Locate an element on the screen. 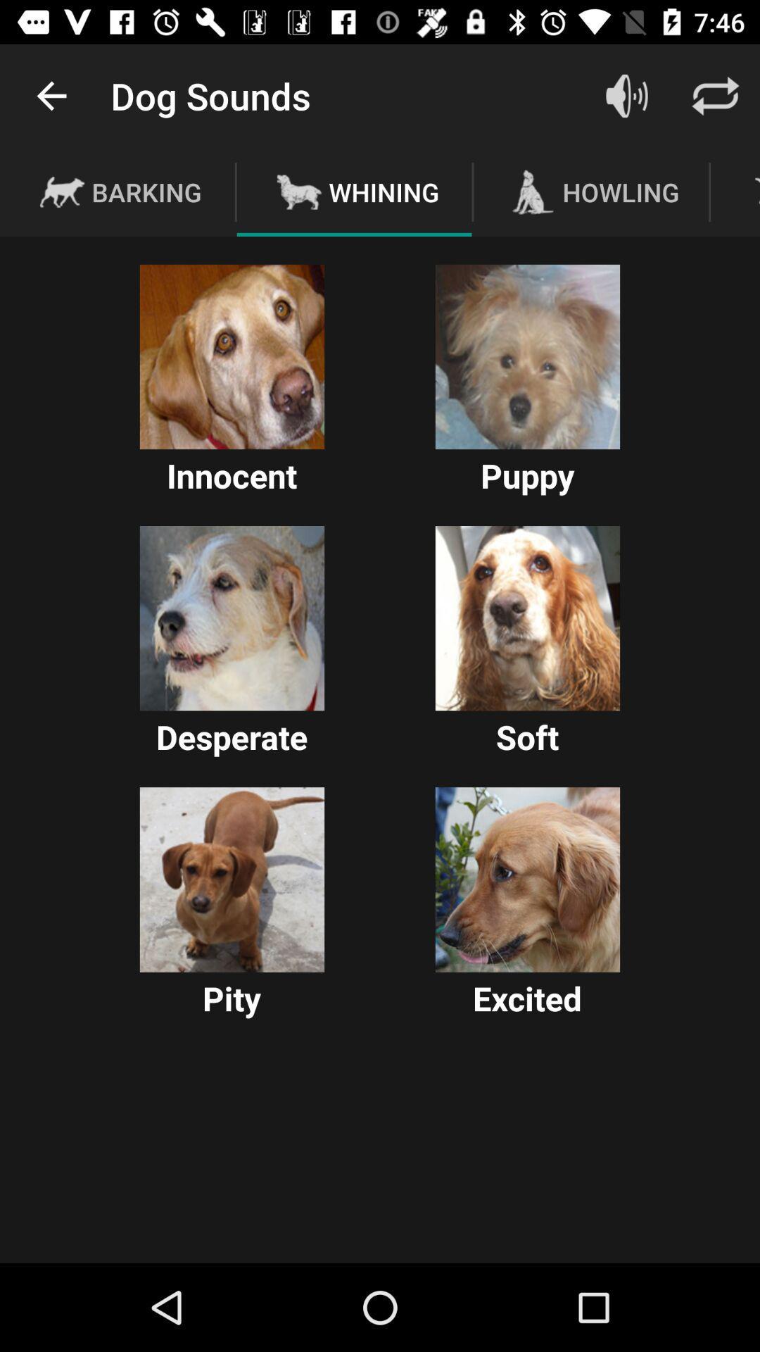 This screenshot has height=1352, width=760. icon above the barking is located at coordinates (51, 95).